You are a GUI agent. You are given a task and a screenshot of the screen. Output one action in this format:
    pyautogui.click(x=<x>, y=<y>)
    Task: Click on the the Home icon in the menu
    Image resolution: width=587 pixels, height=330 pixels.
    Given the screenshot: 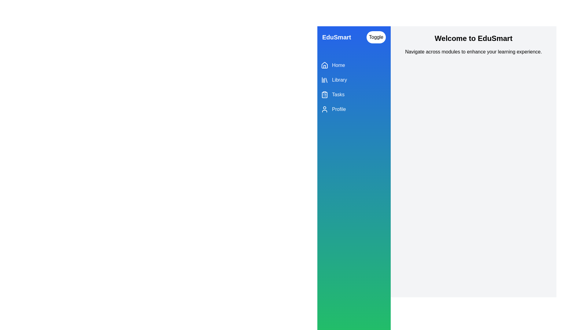 What is the action you would take?
    pyautogui.click(x=324, y=65)
    